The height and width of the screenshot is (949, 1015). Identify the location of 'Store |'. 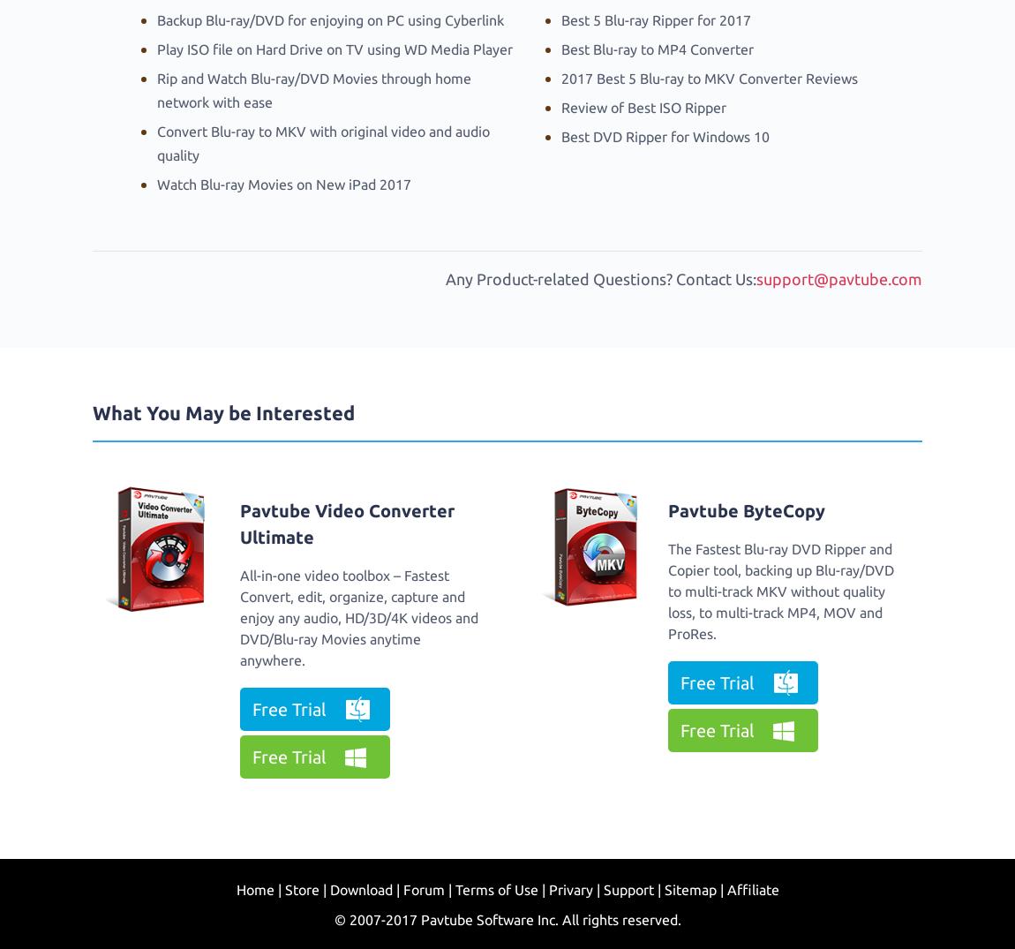
(304, 889).